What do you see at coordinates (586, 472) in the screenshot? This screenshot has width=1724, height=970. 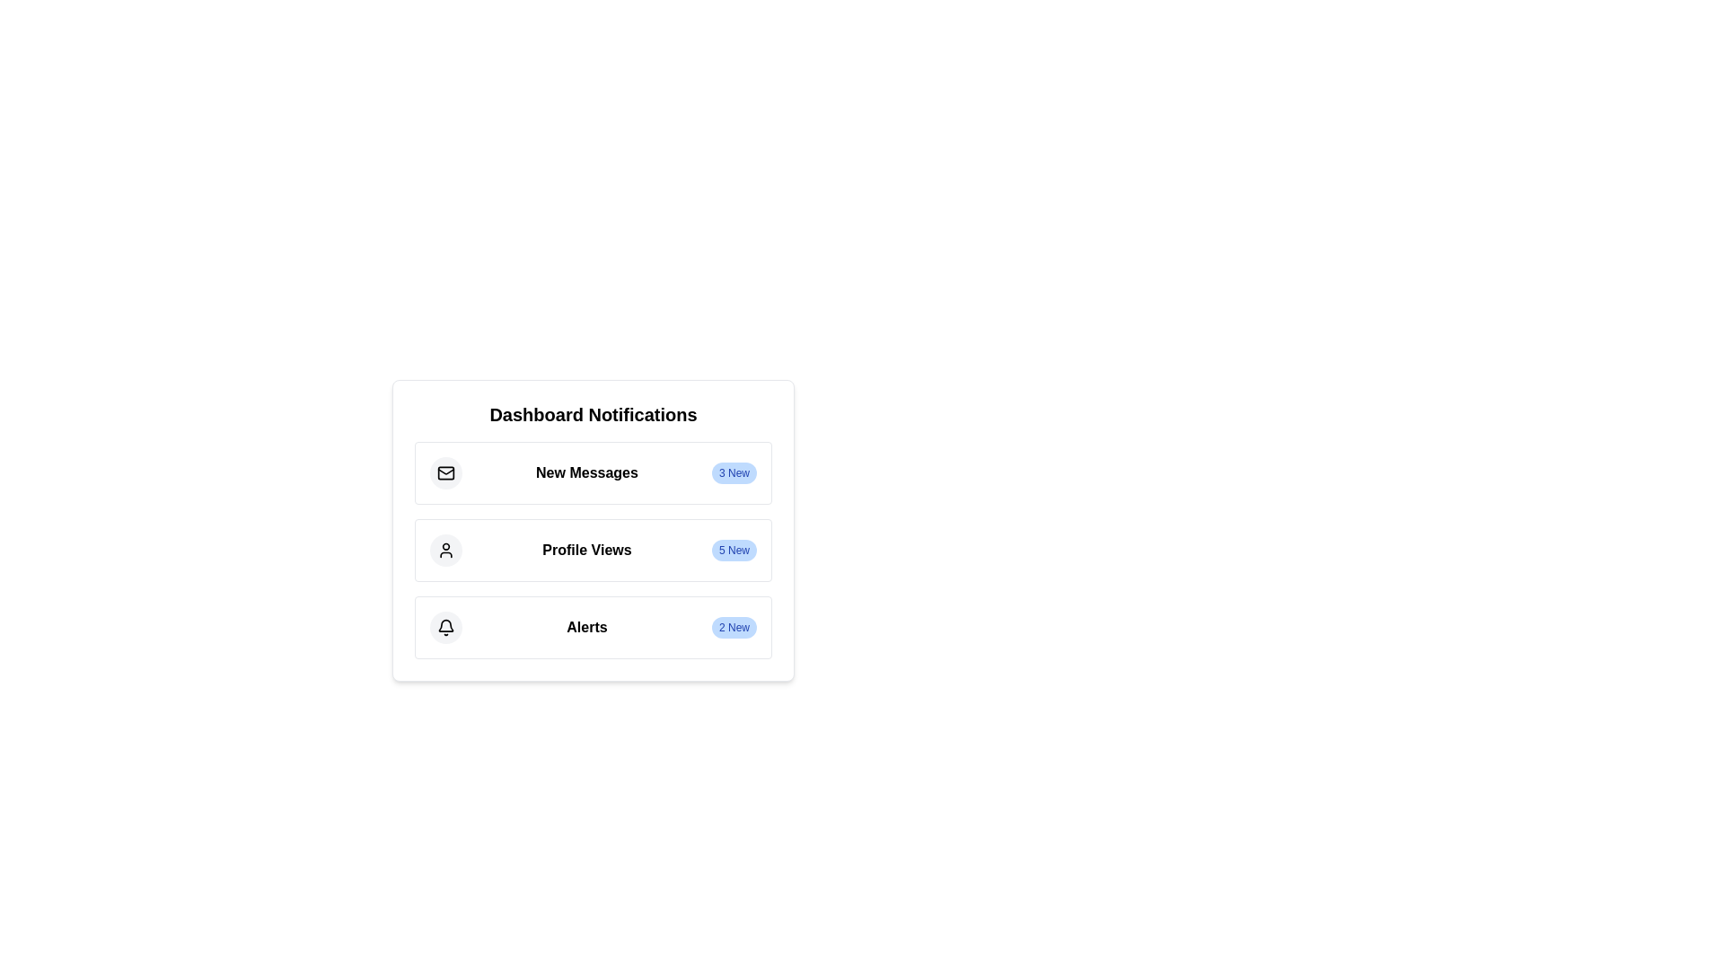 I see `the surrounding interactive area near the 'New Messages' text label, which is bold and part of a notification for messages` at bounding box center [586, 472].